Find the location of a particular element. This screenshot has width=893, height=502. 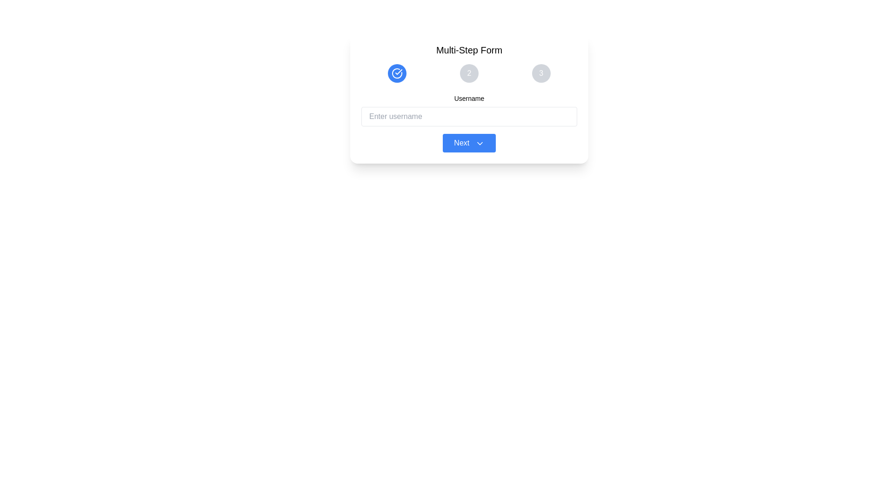

the circular status indicator icon with a white checkmark in a blue circle to mark the step as complete is located at coordinates (397, 73).